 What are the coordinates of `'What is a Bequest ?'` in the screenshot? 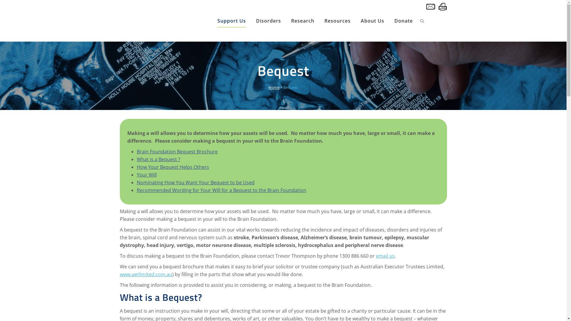 It's located at (158, 159).